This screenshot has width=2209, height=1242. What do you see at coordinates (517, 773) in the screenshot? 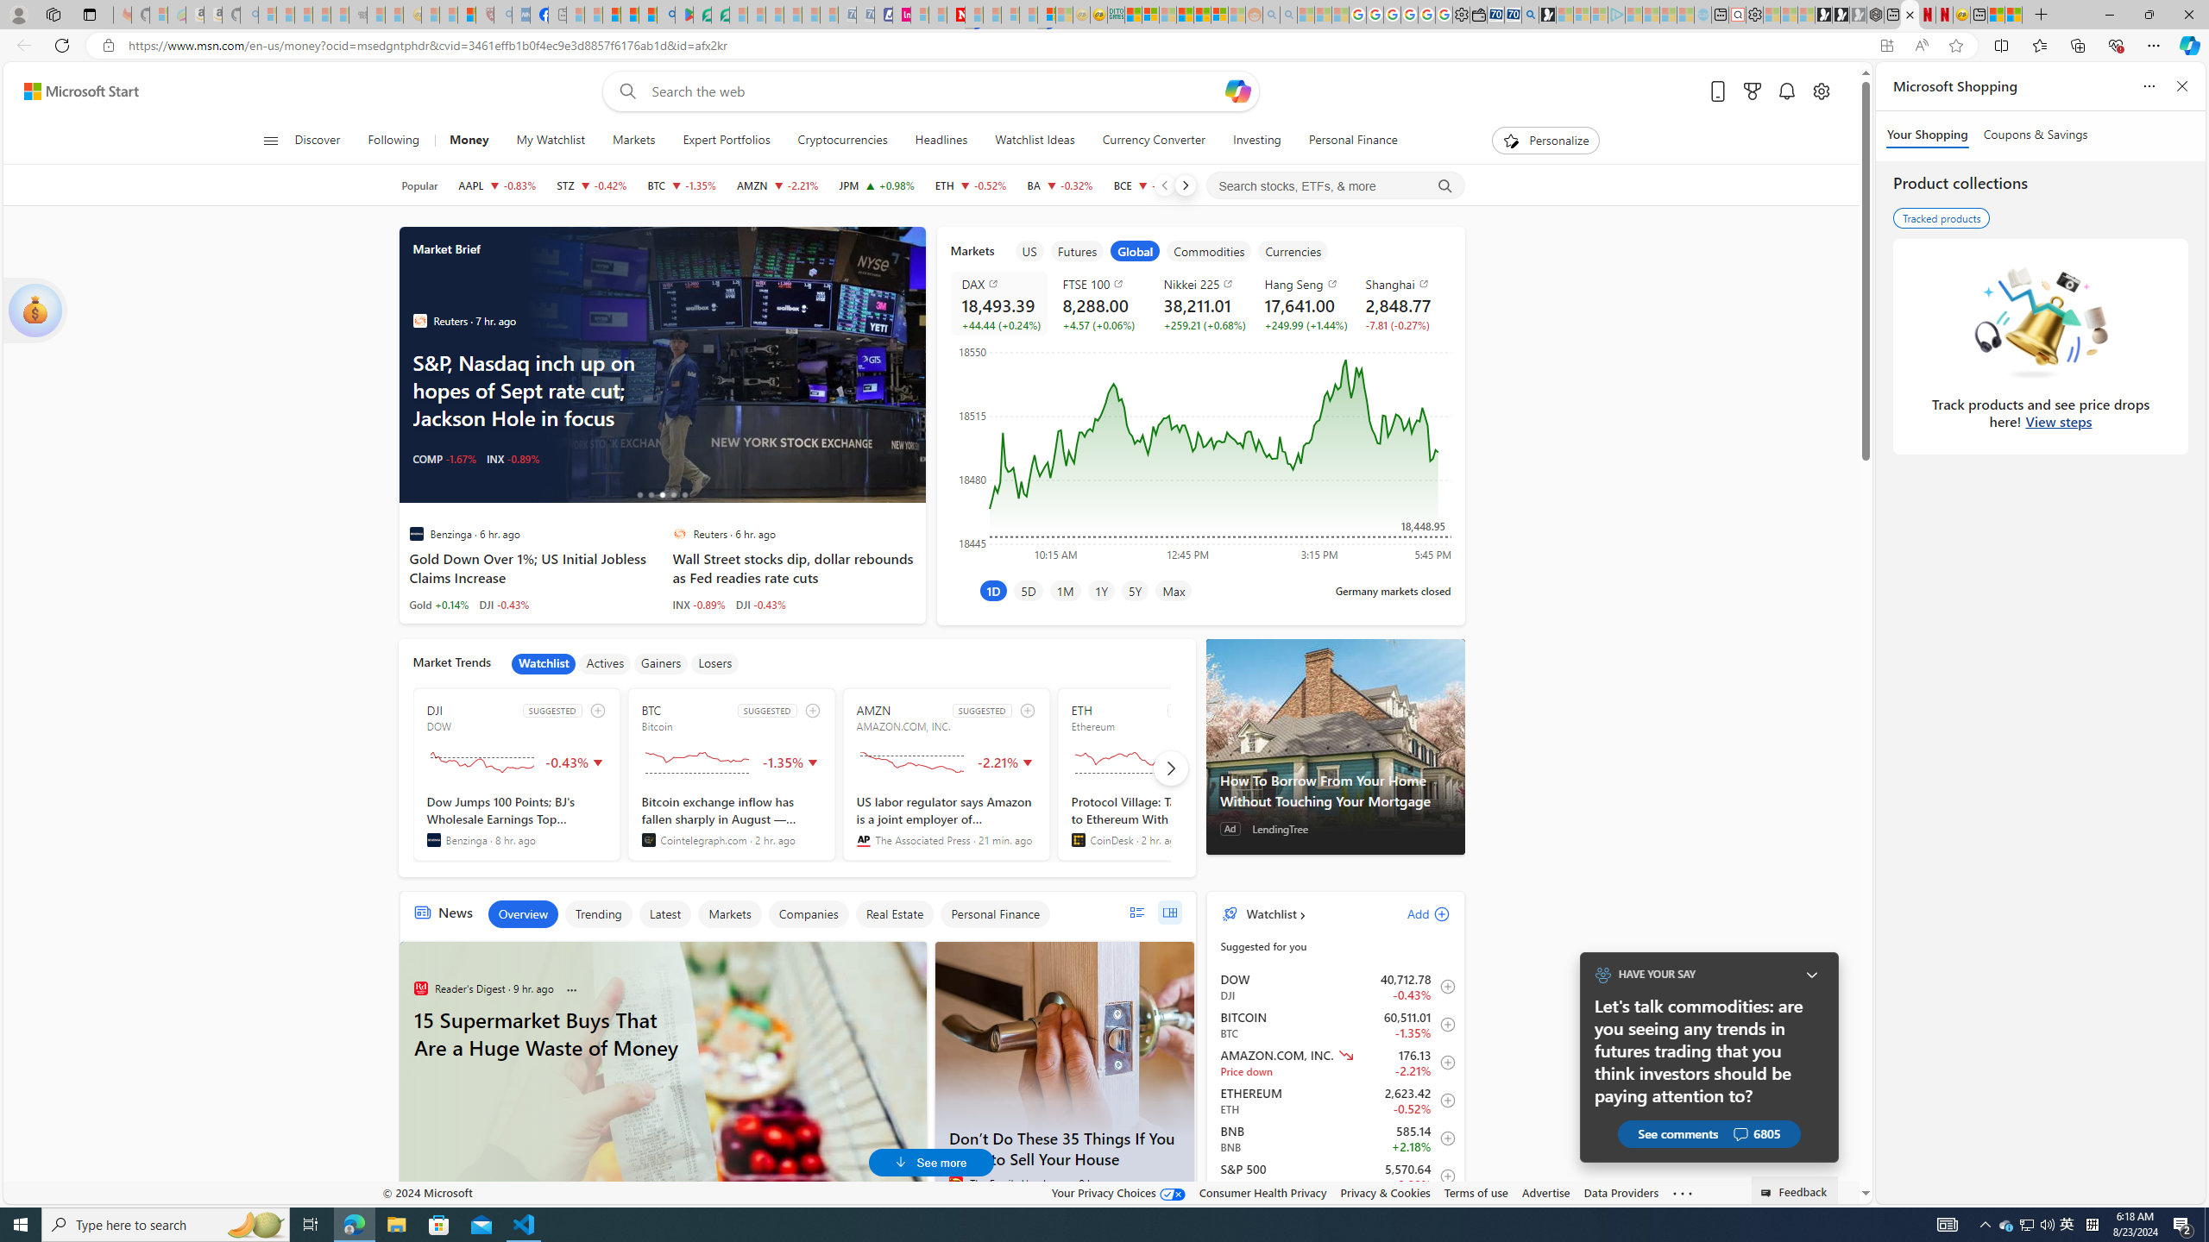
I see `'DJI SUGGESTED DOW'` at bounding box center [517, 773].